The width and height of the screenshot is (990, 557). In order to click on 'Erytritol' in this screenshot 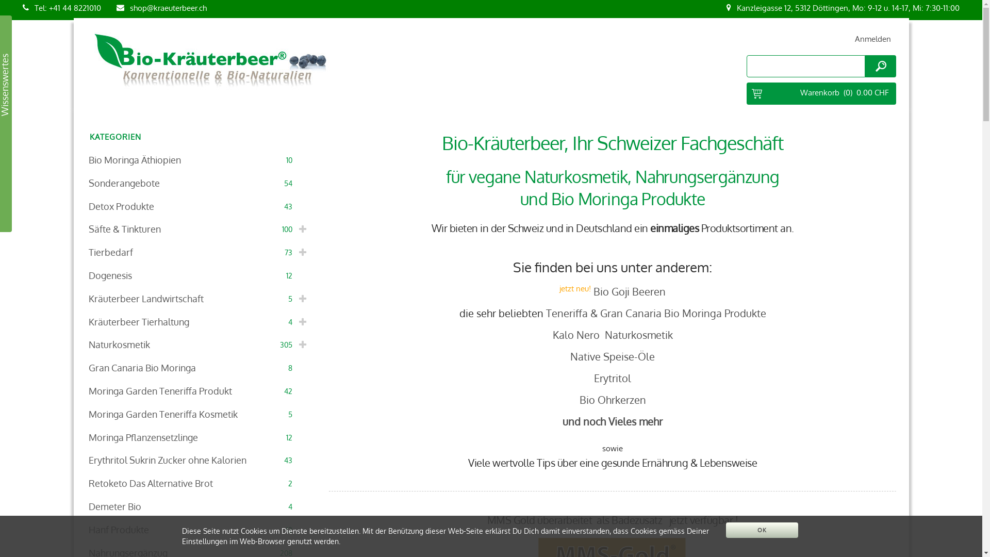, I will do `click(612, 378)`.